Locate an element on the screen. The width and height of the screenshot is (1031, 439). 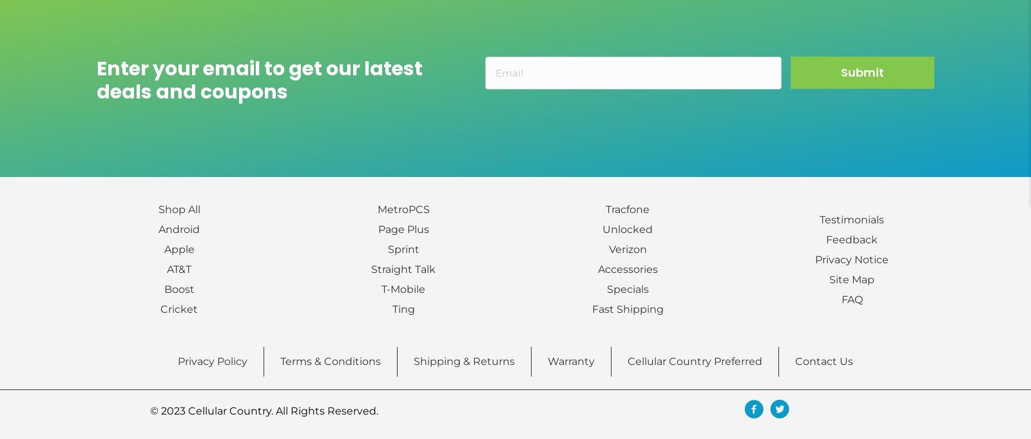
'Warranty' is located at coordinates (546, 360).